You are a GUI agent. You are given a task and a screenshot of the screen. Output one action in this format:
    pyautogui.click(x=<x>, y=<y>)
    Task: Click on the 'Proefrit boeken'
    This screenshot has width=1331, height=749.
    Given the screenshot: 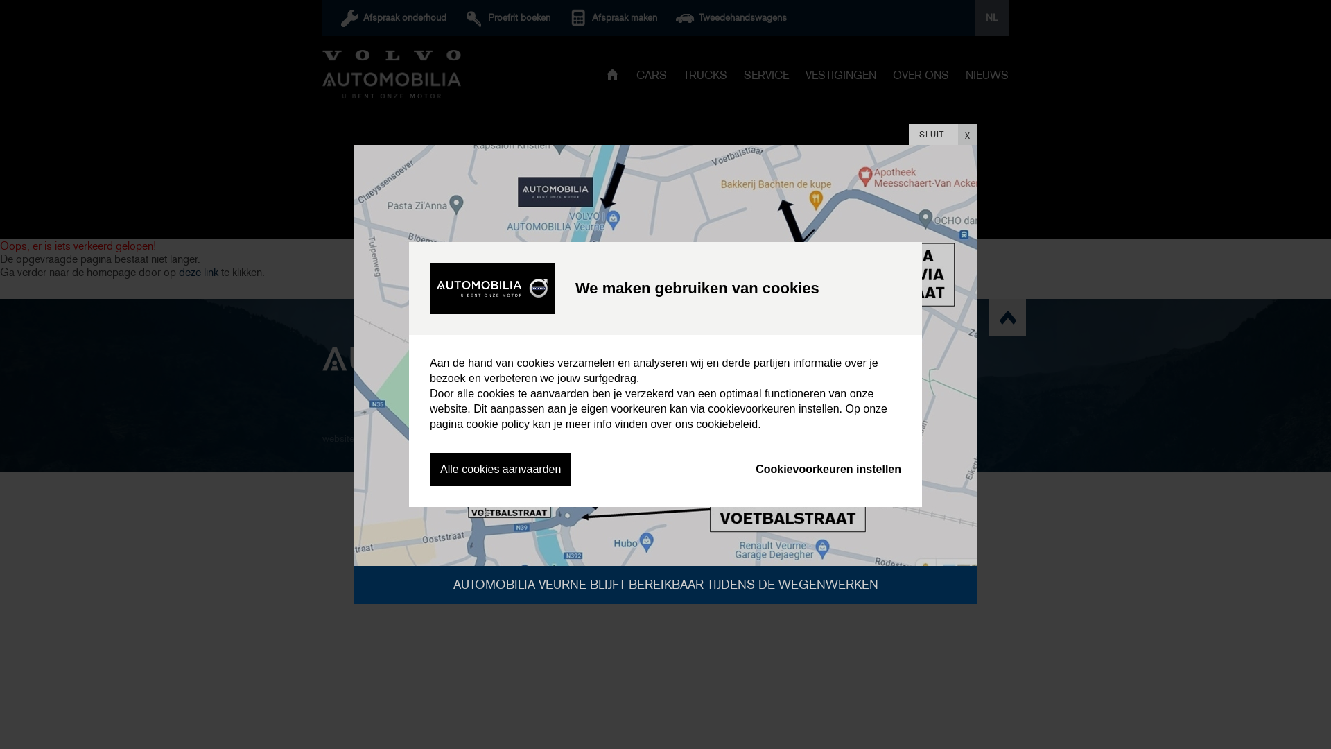 What is the action you would take?
    pyautogui.click(x=514, y=18)
    